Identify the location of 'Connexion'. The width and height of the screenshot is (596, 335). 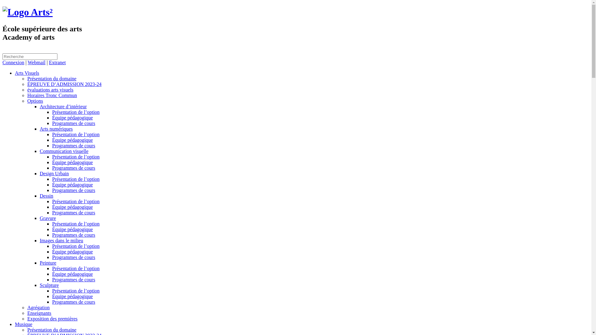
(13, 62).